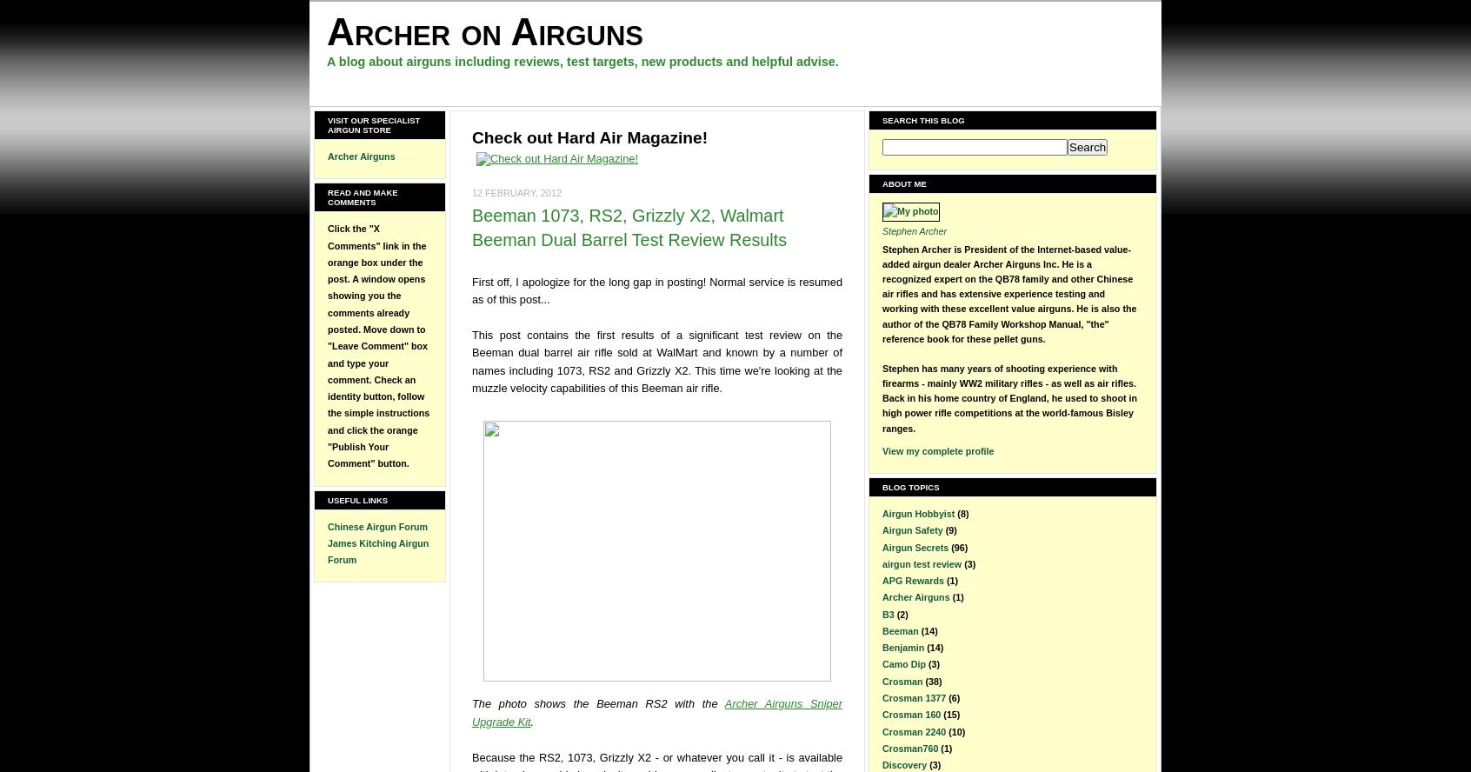  Describe the element at coordinates (629, 227) in the screenshot. I see `'Beeman 1073, RS2, Grizzly X2, Walmart Beeman Dual Barrel Test Review Results'` at that location.